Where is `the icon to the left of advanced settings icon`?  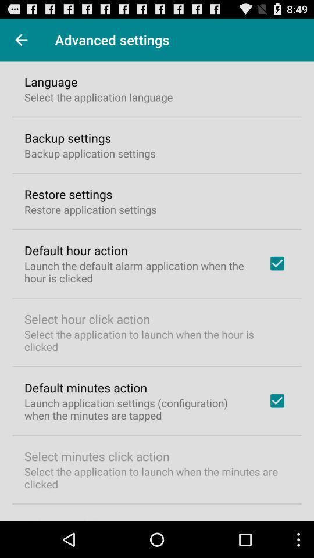 the icon to the left of advanced settings icon is located at coordinates (21, 40).